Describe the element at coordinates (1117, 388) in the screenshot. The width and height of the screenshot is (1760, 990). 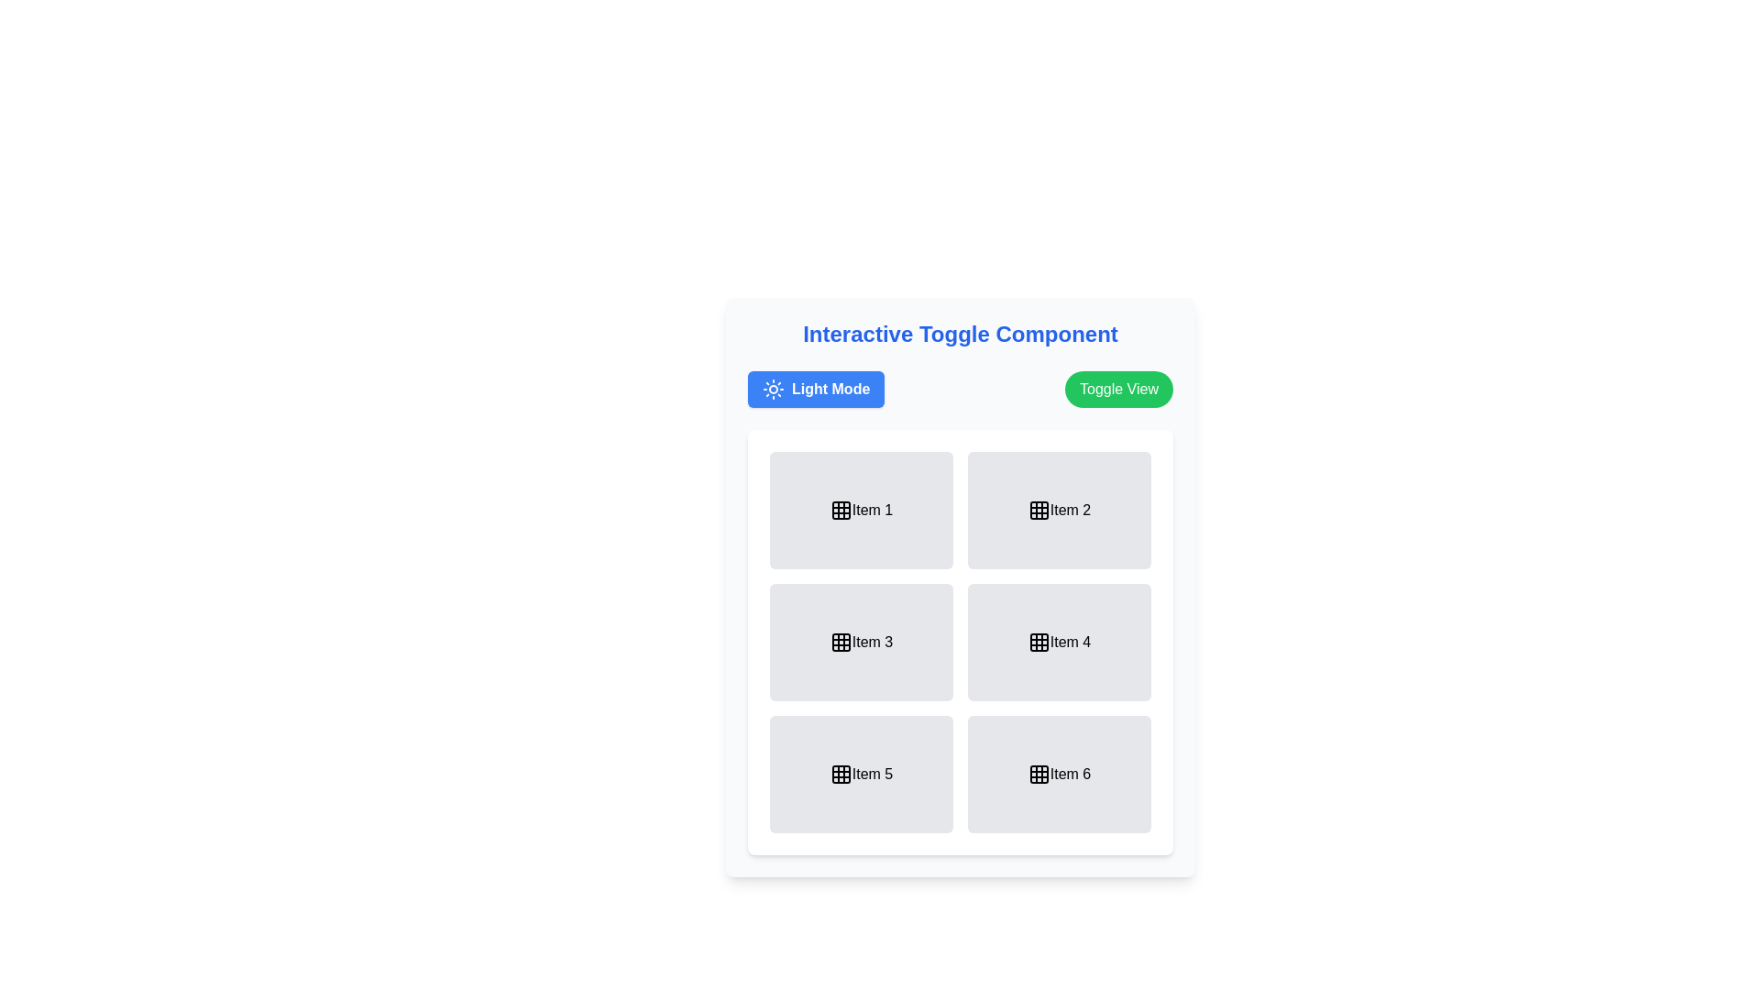
I see `the 'Toggle View' button, which is a rounded rectangle with a vibrant green background and contains the white text 'Toggle View'` at that location.